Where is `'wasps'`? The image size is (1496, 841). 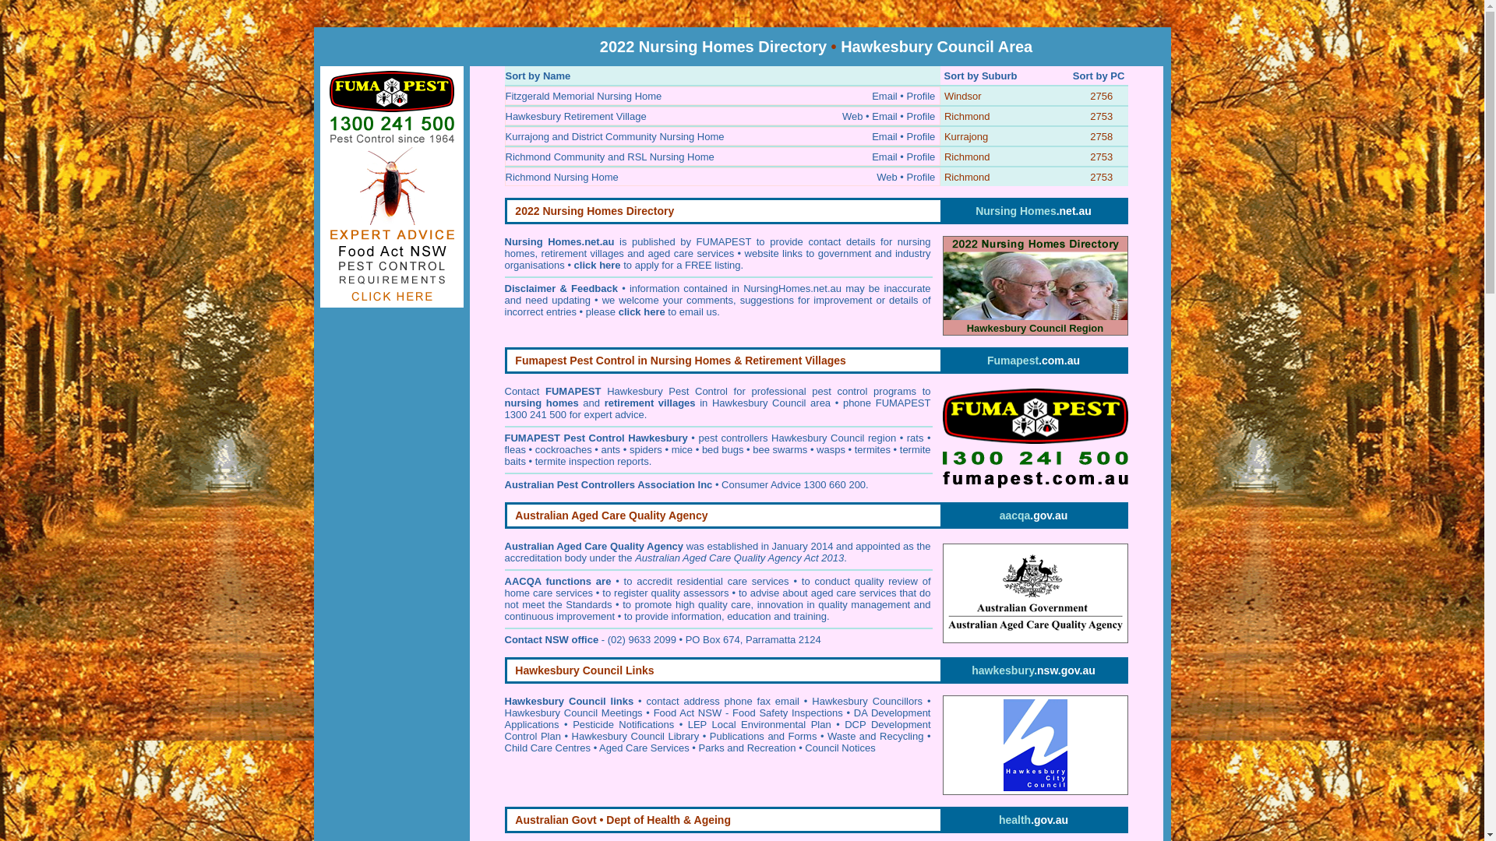 'wasps' is located at coordinates (830, 449).